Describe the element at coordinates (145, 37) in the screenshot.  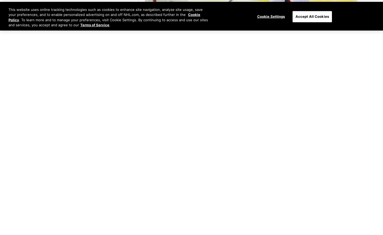
I see `'April 21, 2017'` at that location.